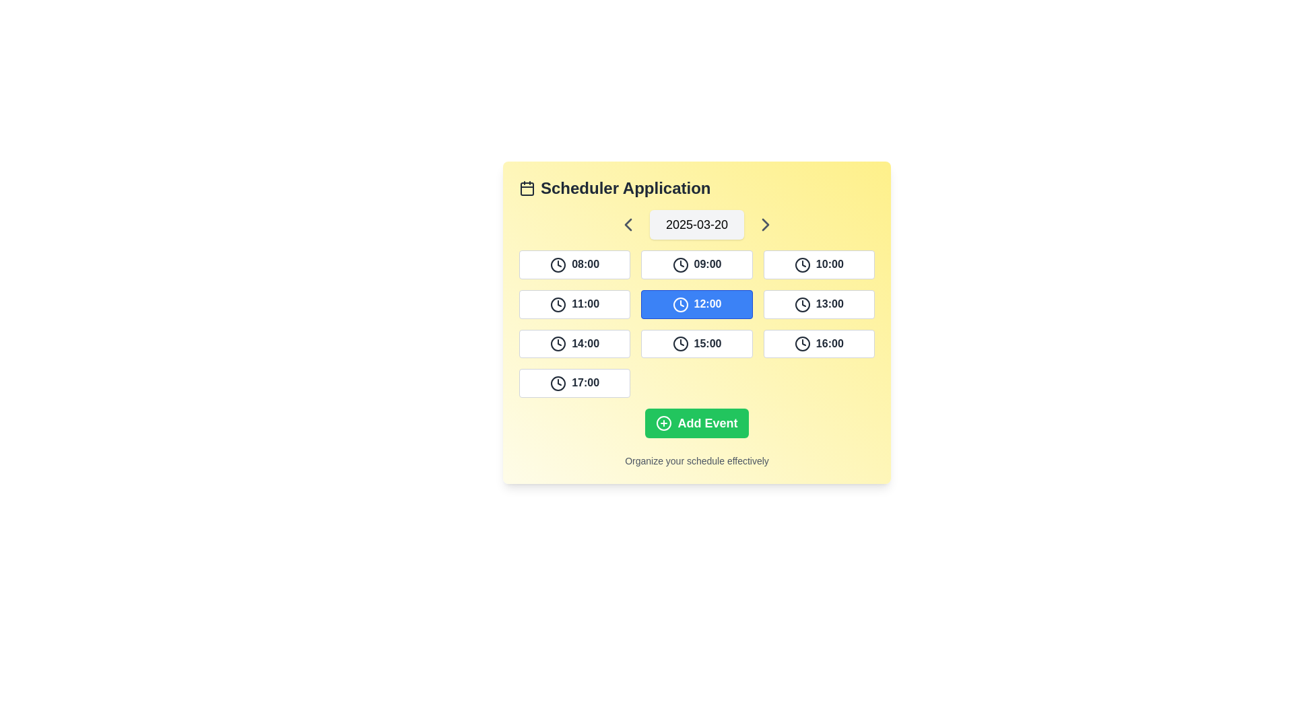  I want to click on the button in the first row of the grid layout under the 'Scheduler Application' header, so click(574, 265).